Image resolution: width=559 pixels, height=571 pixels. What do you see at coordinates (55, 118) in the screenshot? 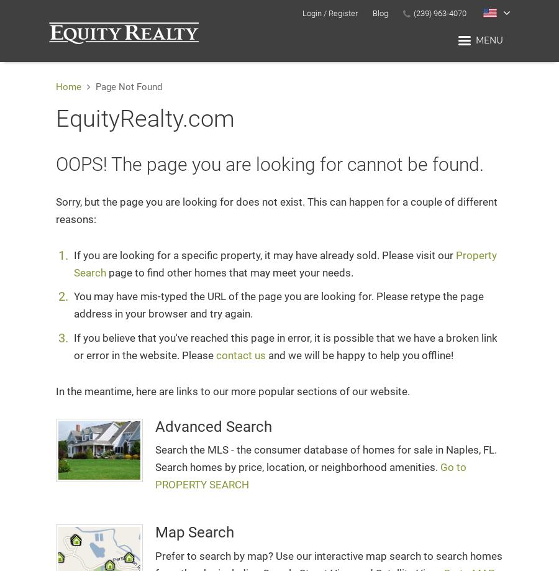
I see `'EquityRealty.com'` at bounding box center [55, 118].